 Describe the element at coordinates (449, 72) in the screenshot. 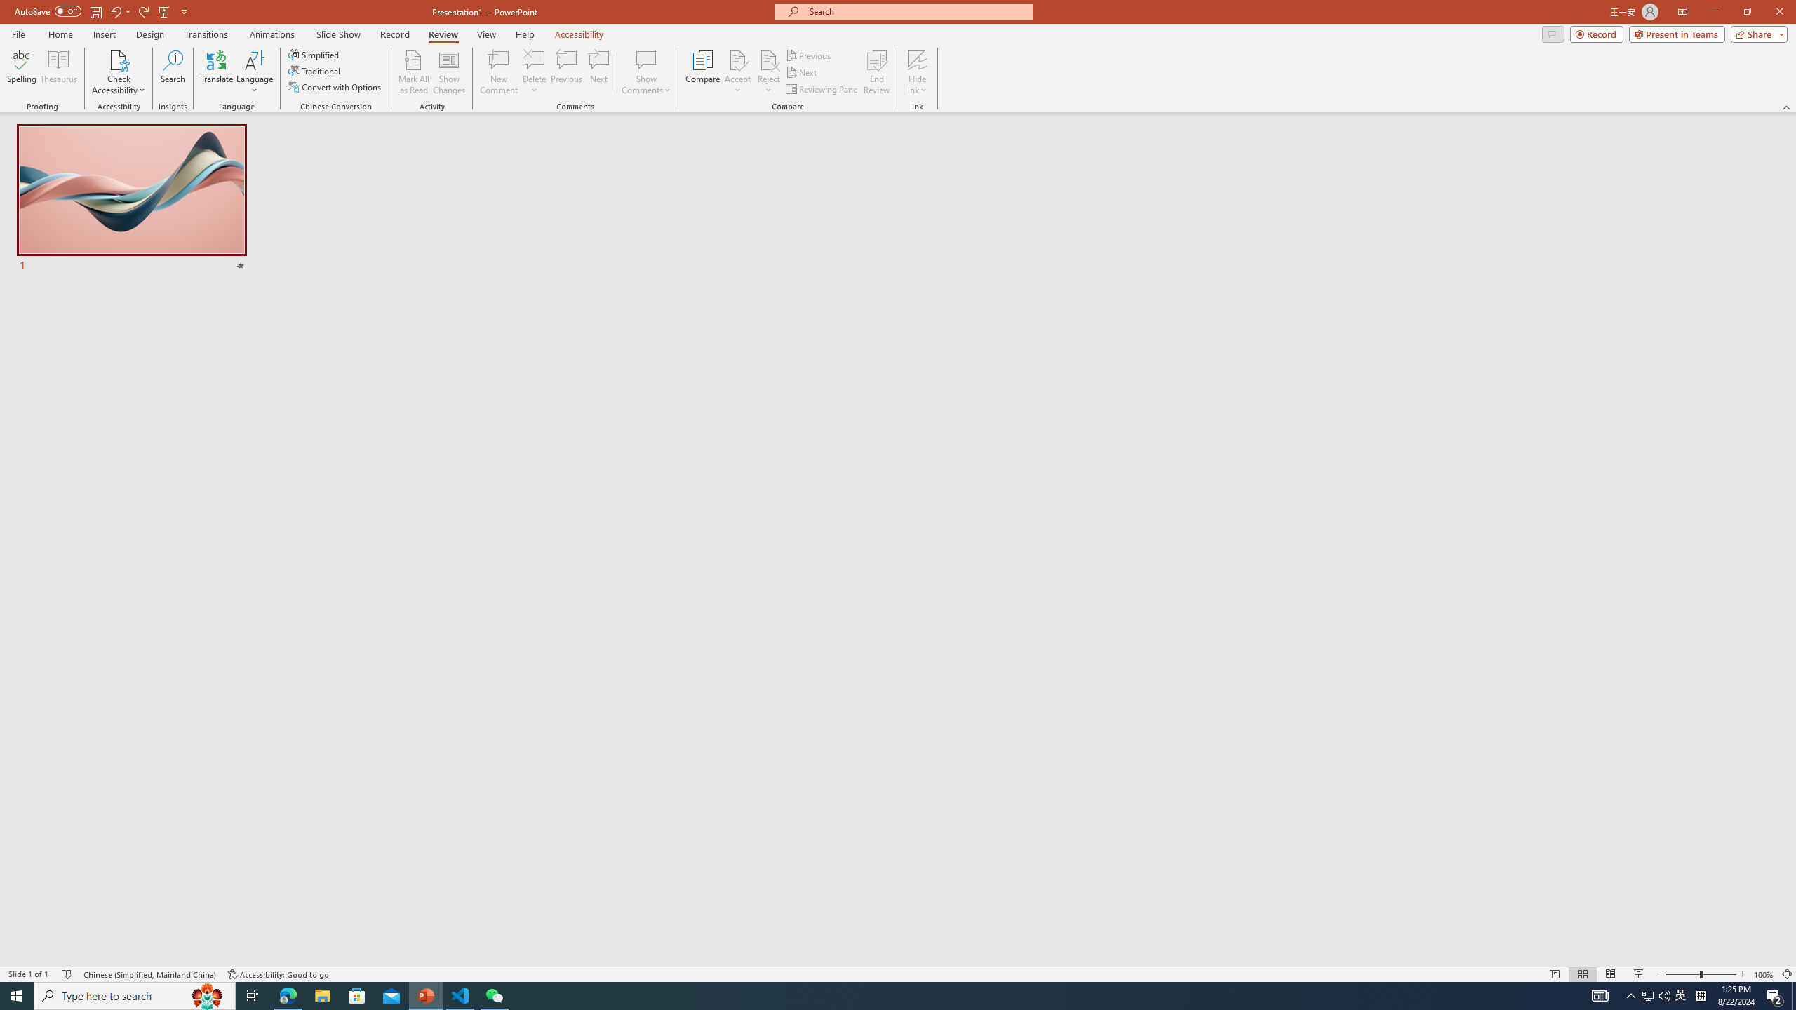

I see `'Show Changes'` at that location.